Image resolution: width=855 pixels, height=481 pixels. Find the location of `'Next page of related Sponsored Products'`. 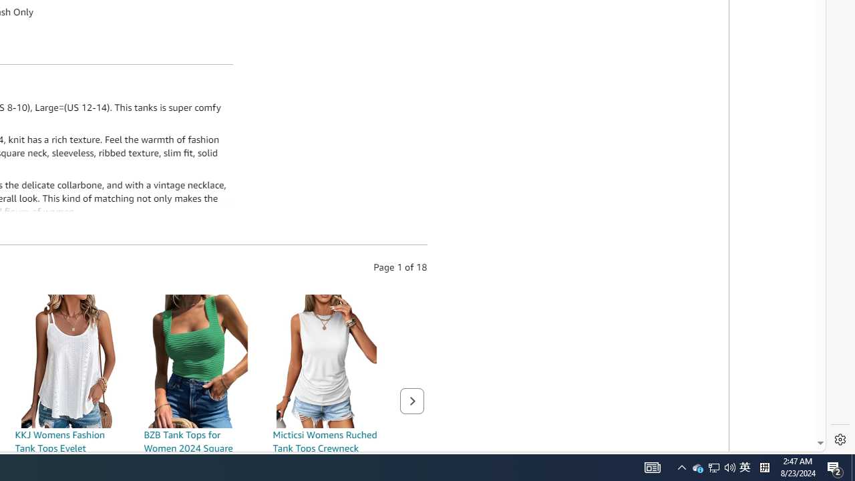

'Next page of related Sponsored Products' is located at coordinates (411, 400).